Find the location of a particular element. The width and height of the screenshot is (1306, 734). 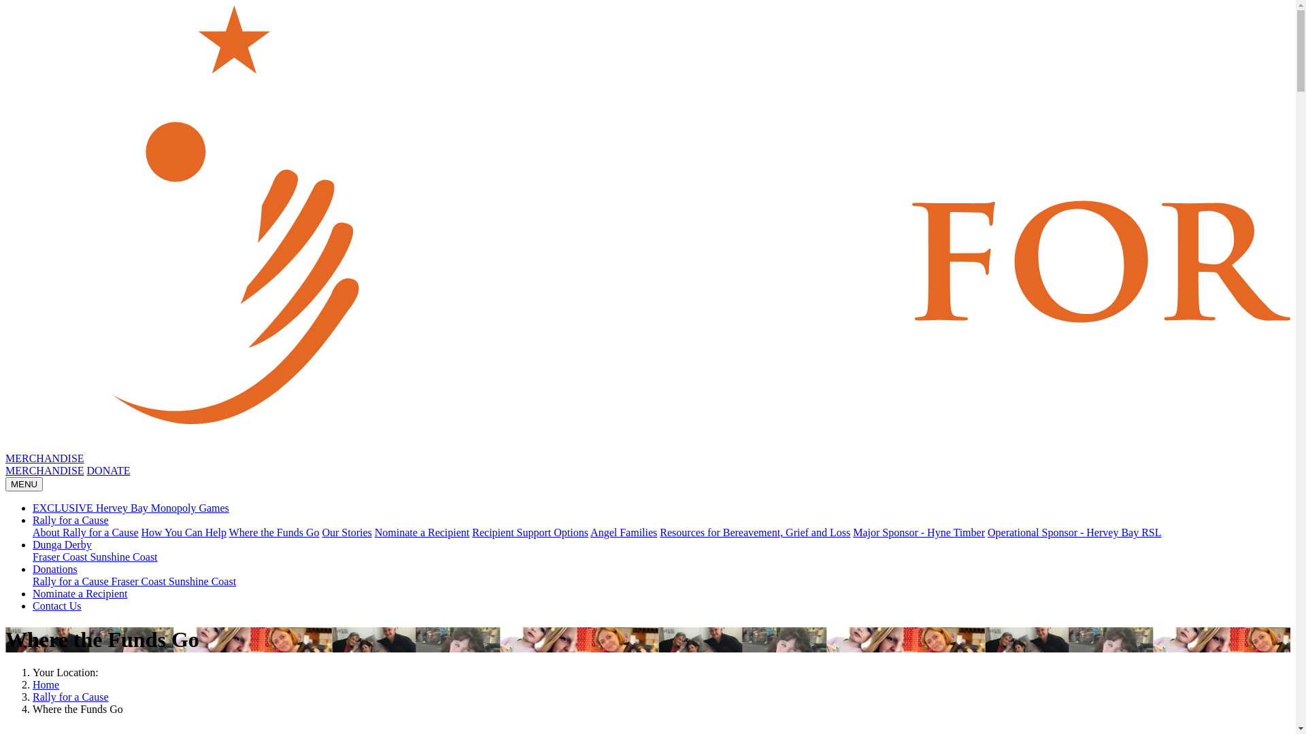

'MENU' is located at coordinates (24, 483).